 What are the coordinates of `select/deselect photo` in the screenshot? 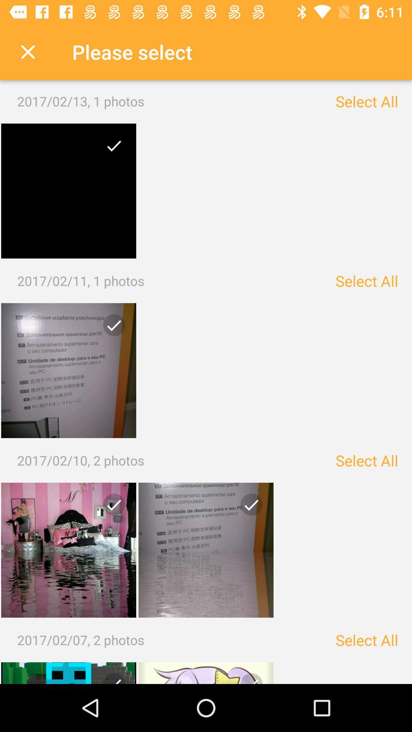 It's located at (248, 507).